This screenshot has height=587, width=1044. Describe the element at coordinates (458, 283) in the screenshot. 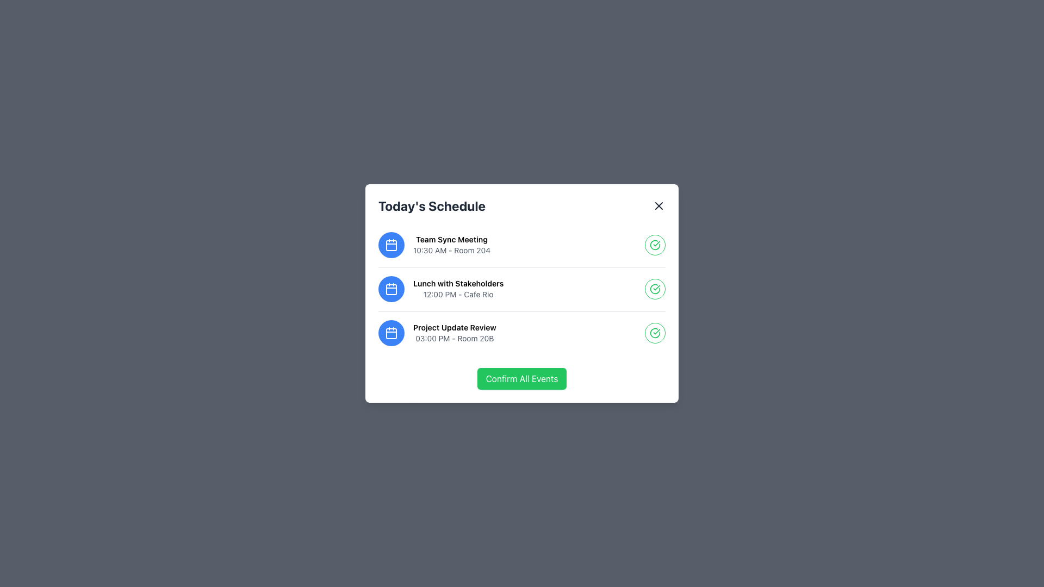

I see `the text element titled 'Lunch with Stakeholders', which is the second item in the schedule and is positioned centrally below 'Team Sync Meeting'` at that location.